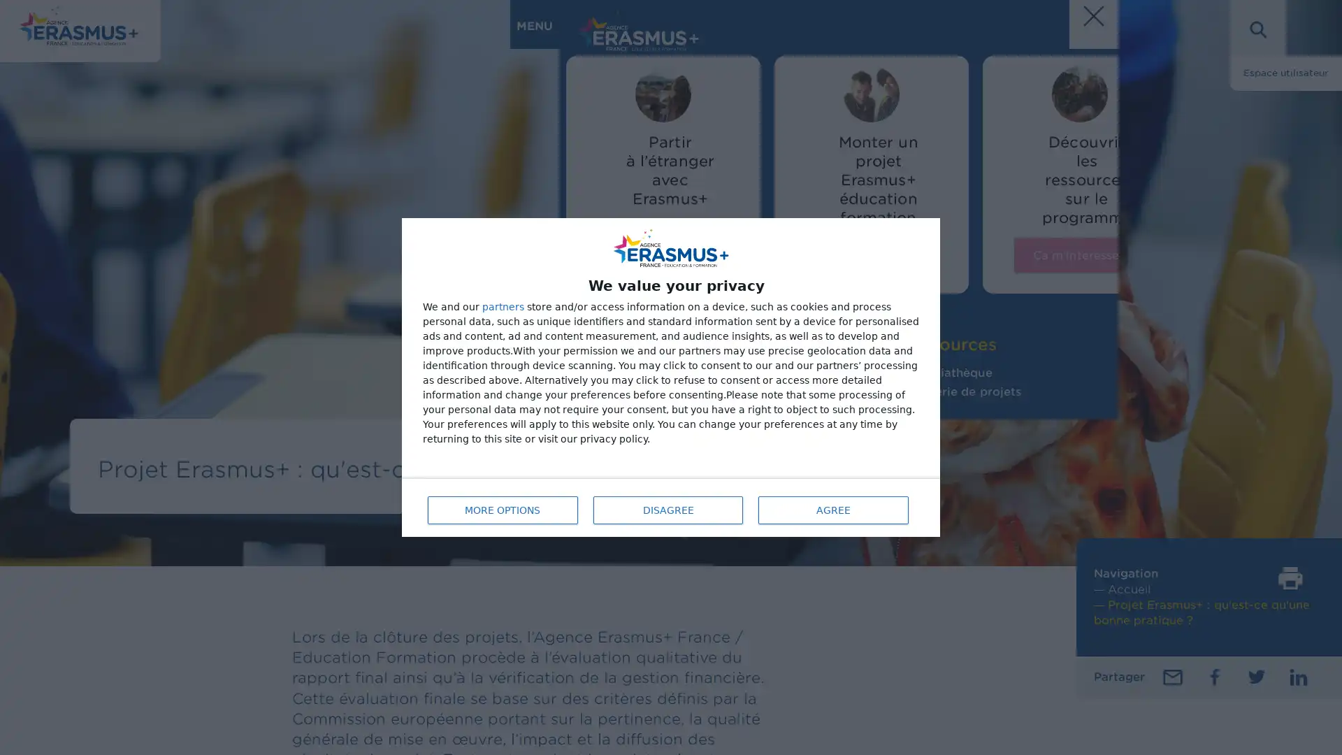 The height and width of the screenshot is (755, 1342). Describe the element at coordinates (500, 507) in the screenshot. I see `MORE OPTIONS` at that location.